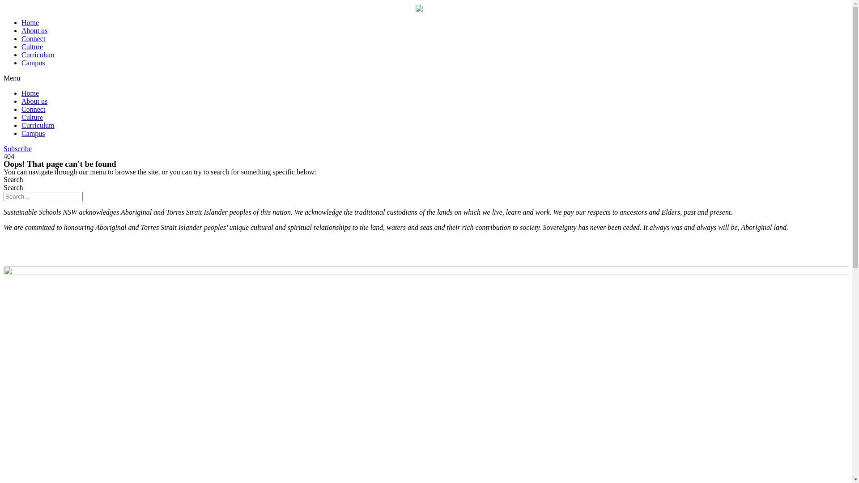 This screenshot has height=483, width=859. I want to click on 'About us', so click(34, 30).